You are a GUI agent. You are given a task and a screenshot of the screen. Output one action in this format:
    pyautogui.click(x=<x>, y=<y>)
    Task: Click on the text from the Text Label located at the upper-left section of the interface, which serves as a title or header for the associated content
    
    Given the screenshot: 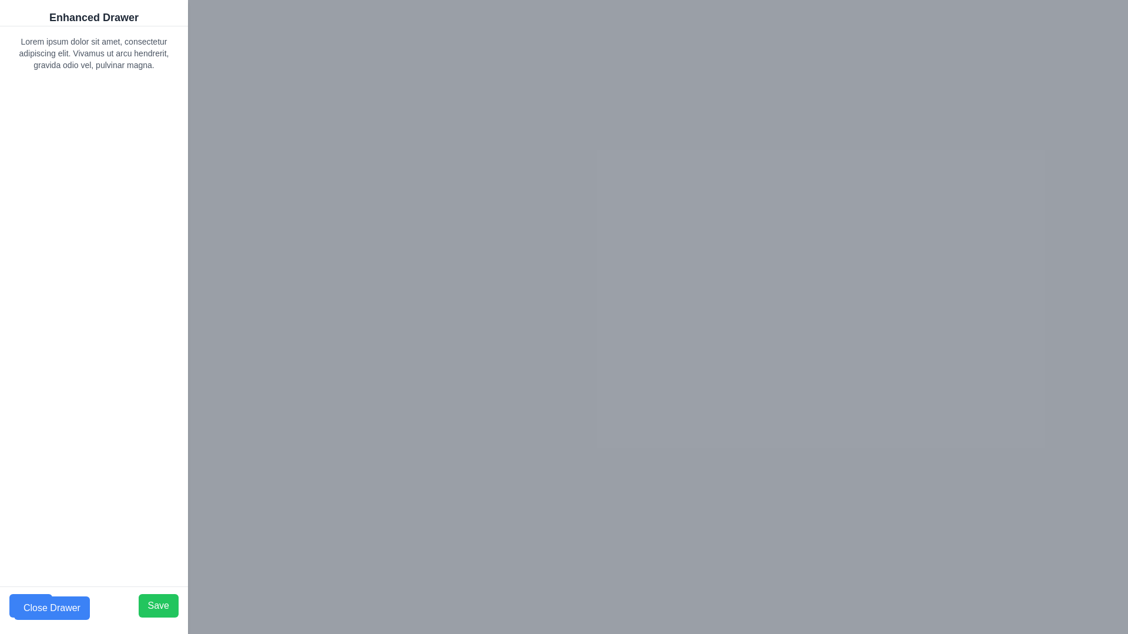 What is the action you would take?
    pyautogui.click(x=93, y=18)
    